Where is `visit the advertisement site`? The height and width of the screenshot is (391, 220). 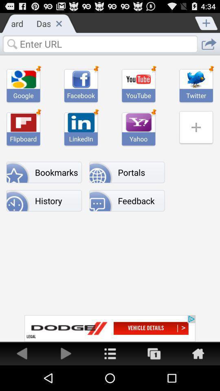 visit the advertisement site is located at coordinates (110, 328).